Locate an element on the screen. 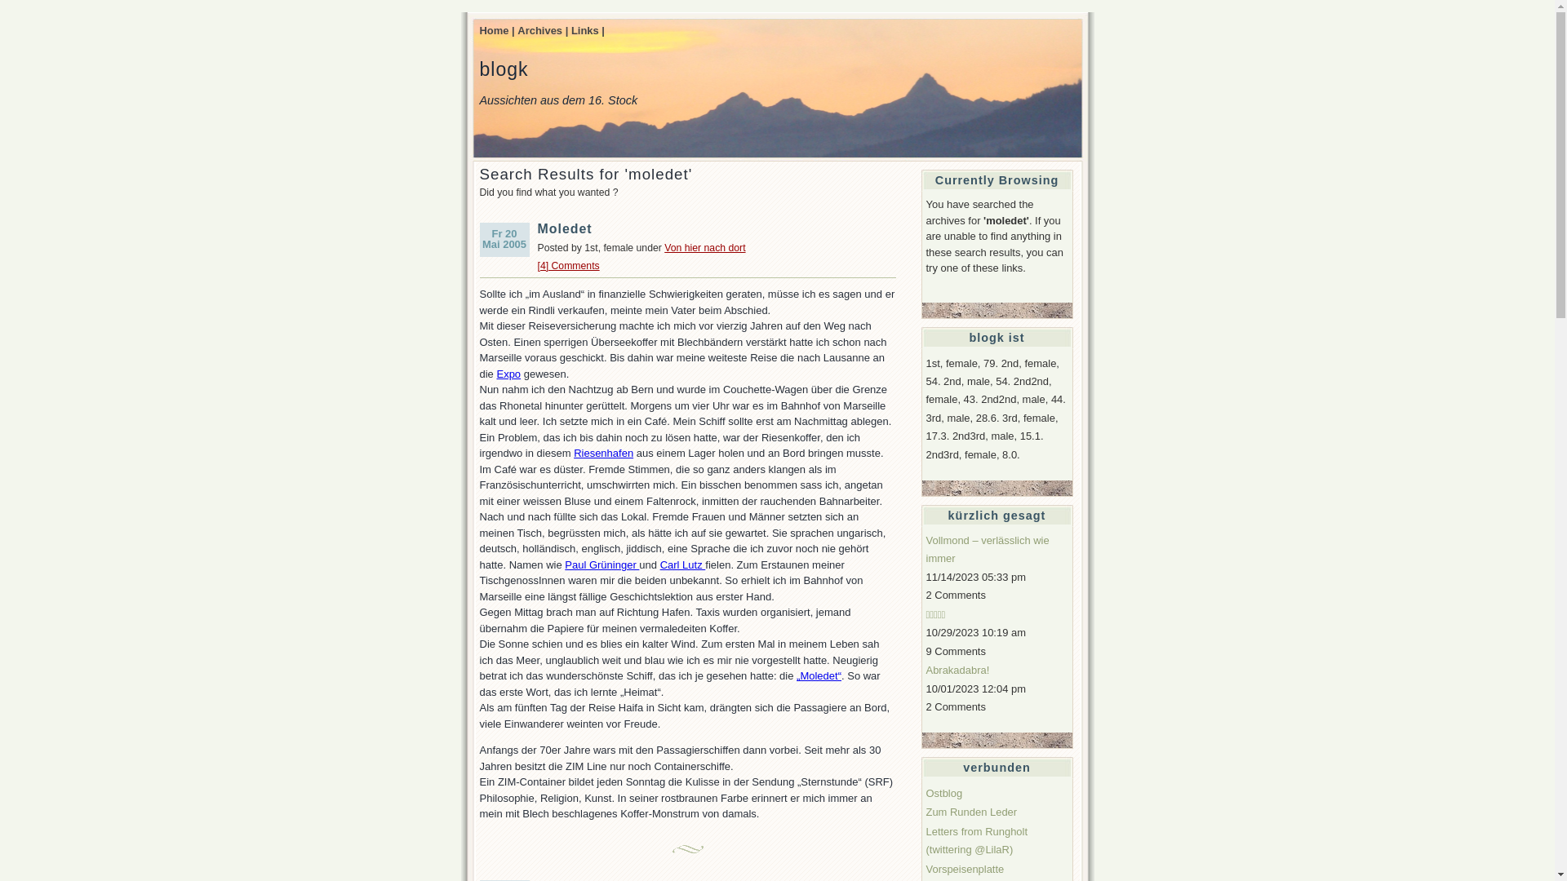 Image resolution: width=1567 pixels, height=881 pixels. 'Letters from Rungholt (twittering @LilaR)' is located at coordinates (976, 840).